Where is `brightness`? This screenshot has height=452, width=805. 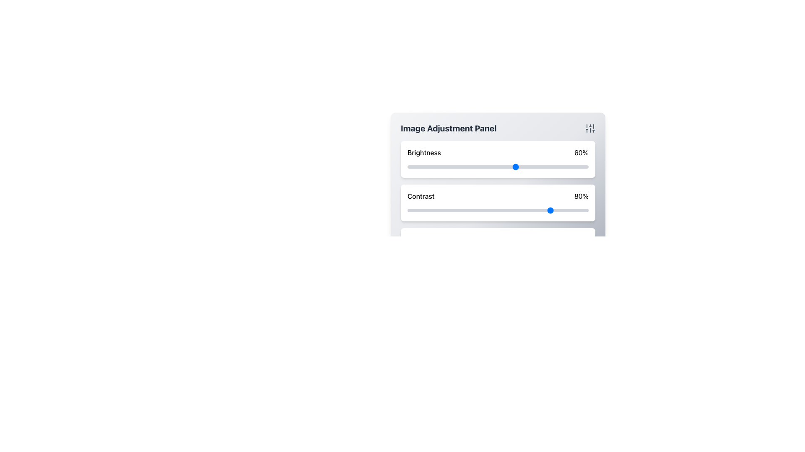
brightness is located at coordinates (452, 167).